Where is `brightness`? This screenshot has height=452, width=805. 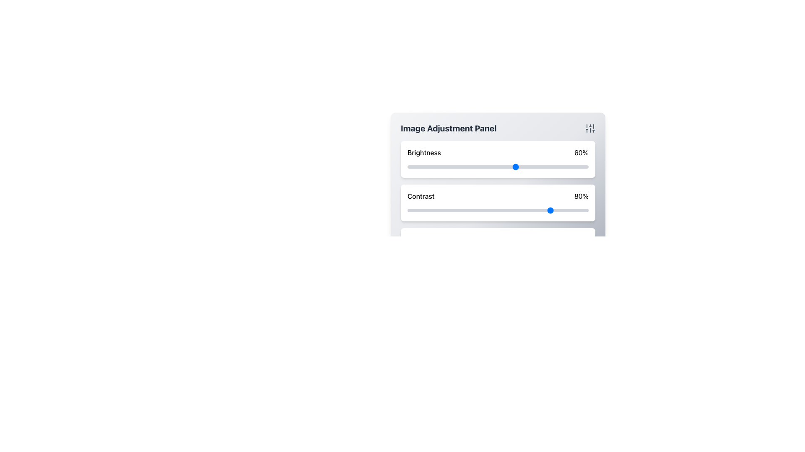
brightness is located at coordinates (452, 167).